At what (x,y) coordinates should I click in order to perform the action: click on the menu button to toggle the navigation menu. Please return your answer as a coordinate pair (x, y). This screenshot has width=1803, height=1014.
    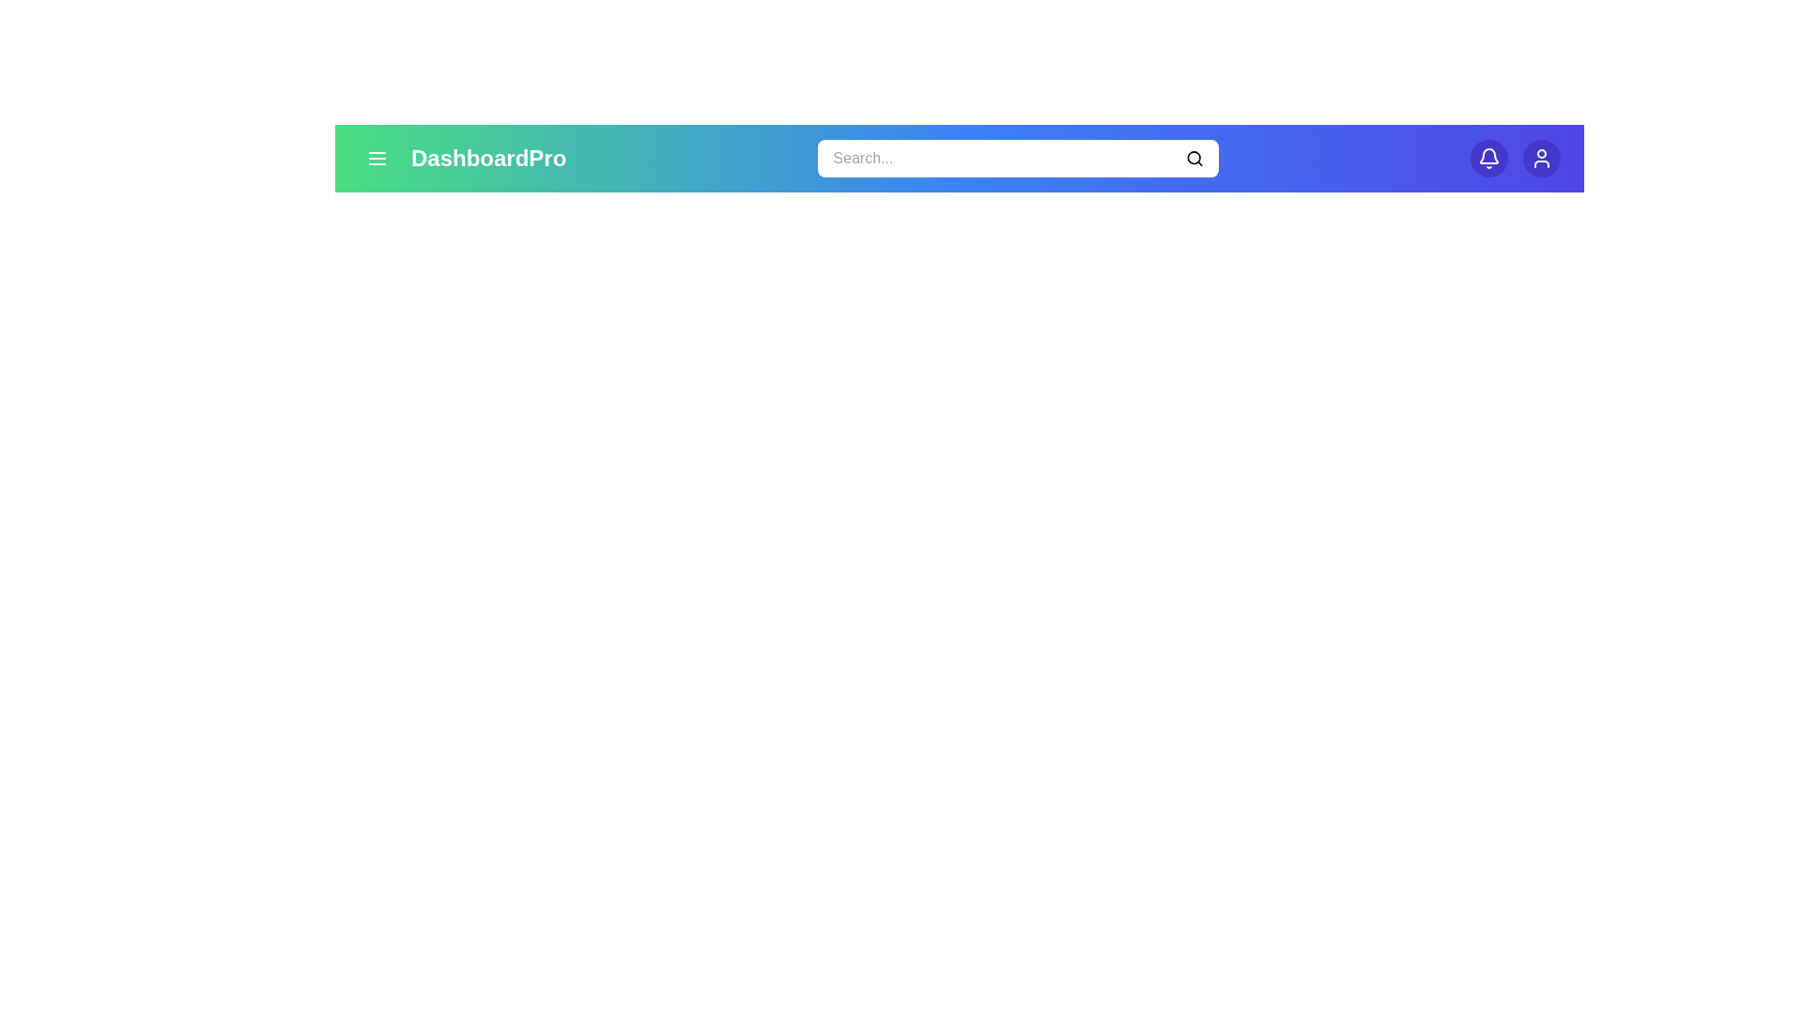
    Looking at the image, I should click on (377, 158).